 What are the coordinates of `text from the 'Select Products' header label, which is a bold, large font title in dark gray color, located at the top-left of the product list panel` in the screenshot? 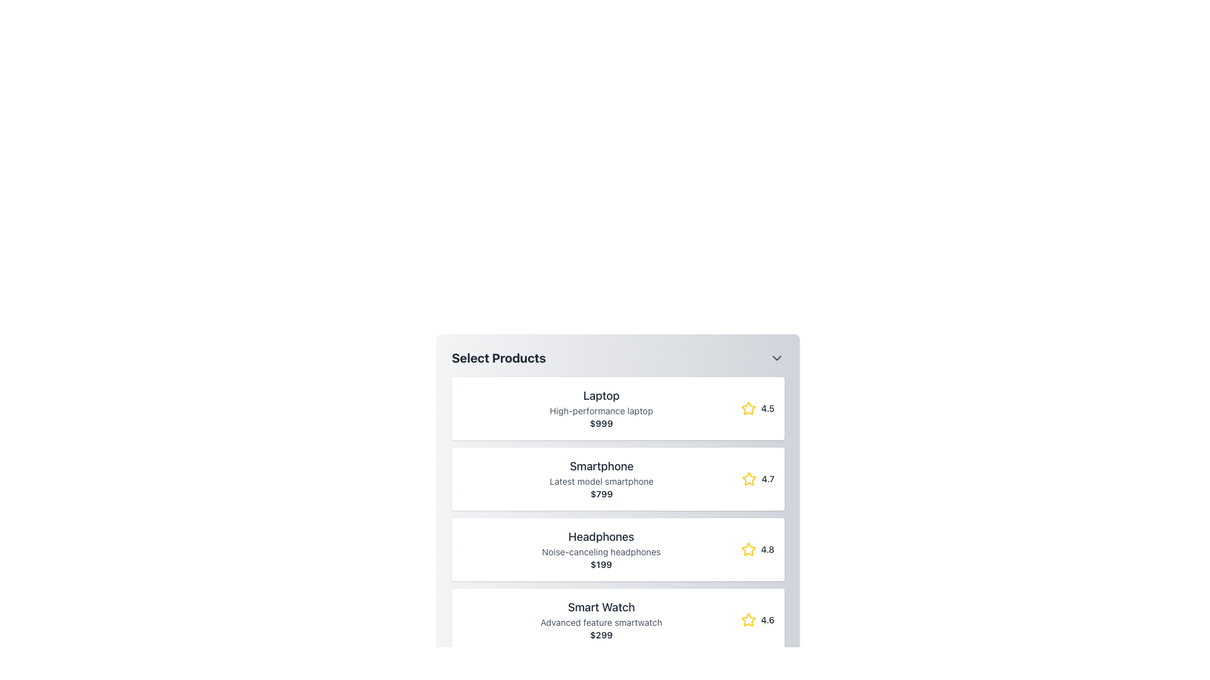 It's located at (498, 358).